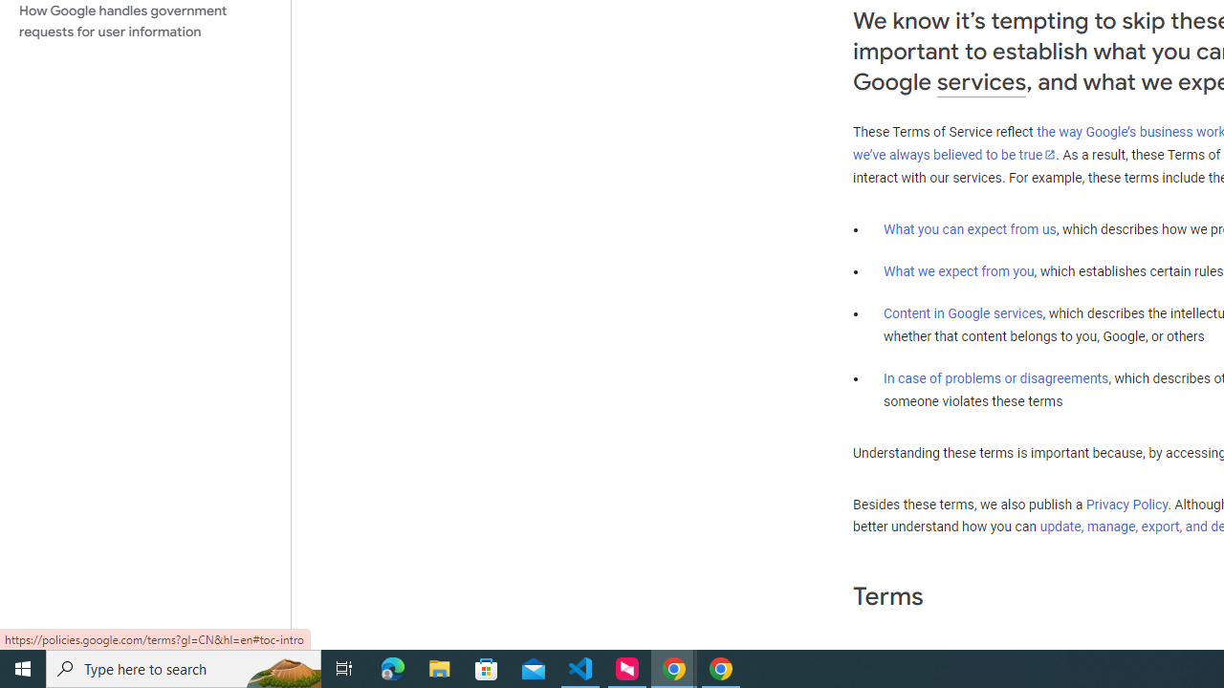  What do you see at coordinates (1126, 504) in the screenshot?
I see `'Privacy Policy'` at bounding box center [1126, 504].